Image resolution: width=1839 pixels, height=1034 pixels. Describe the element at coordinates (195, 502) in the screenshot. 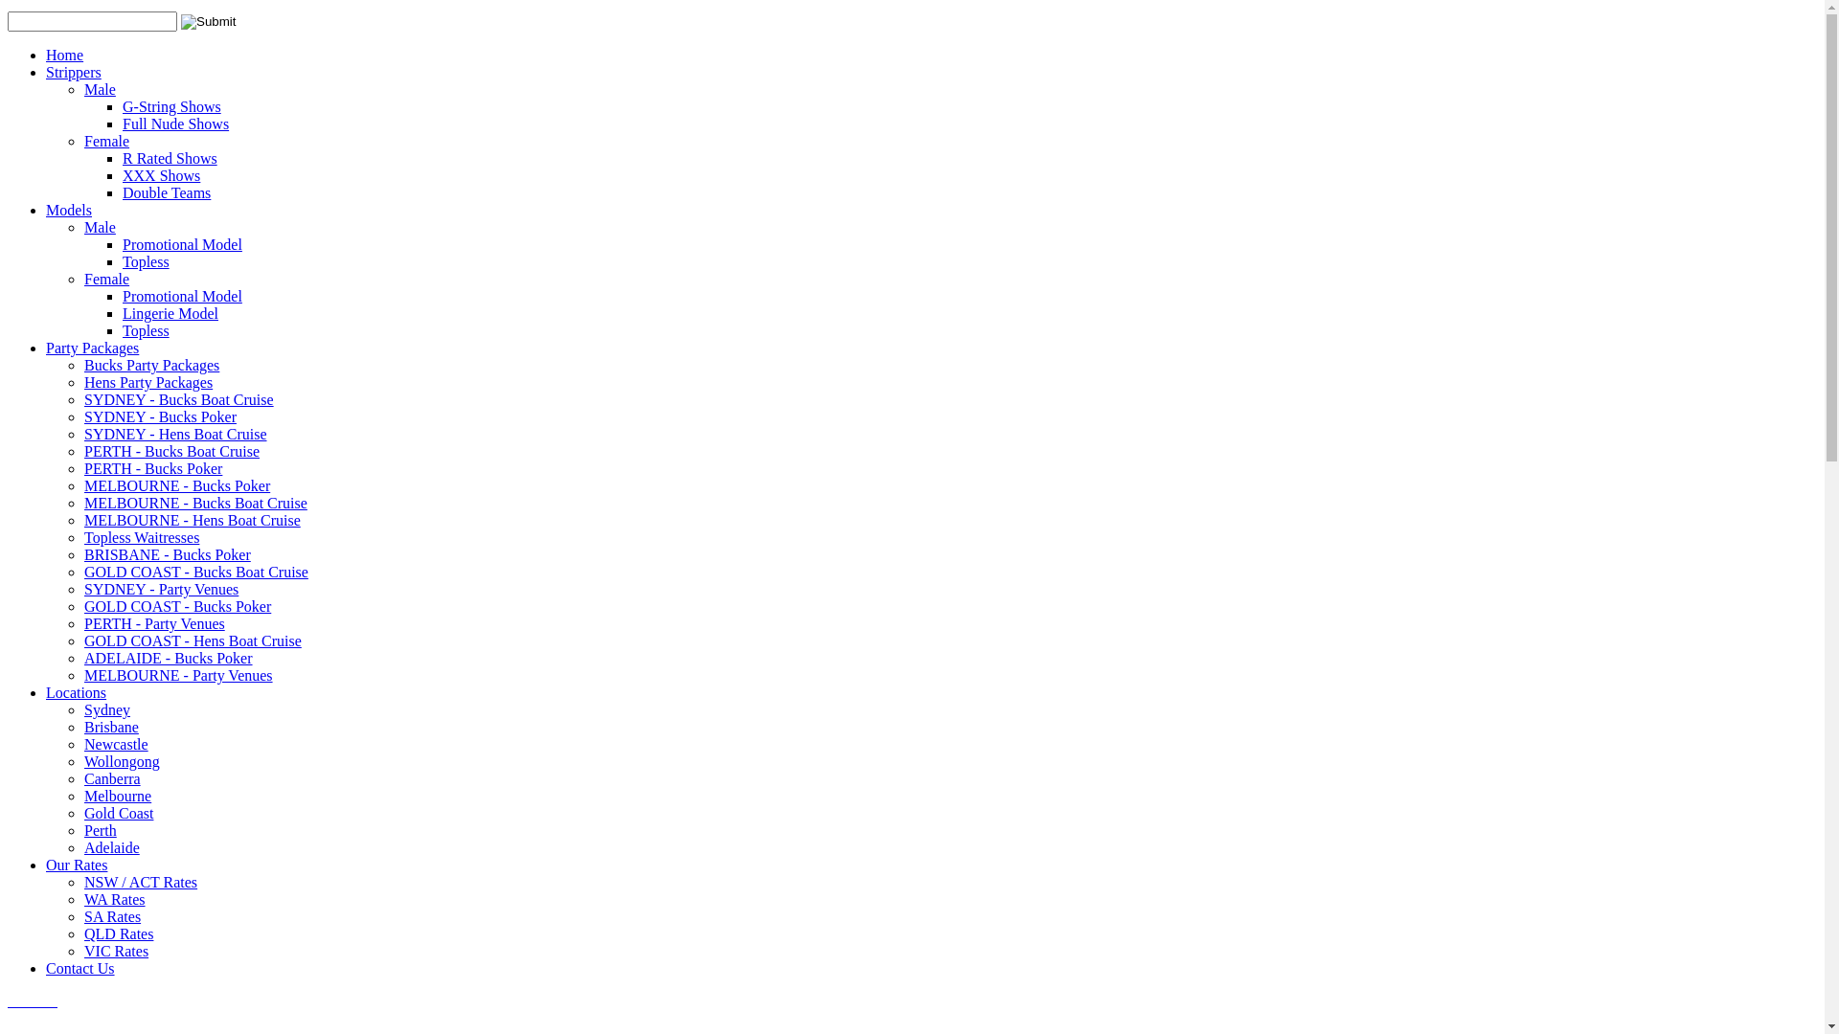

I see `'MELBOURNE - Bucks Boat Cruise'` at that location.